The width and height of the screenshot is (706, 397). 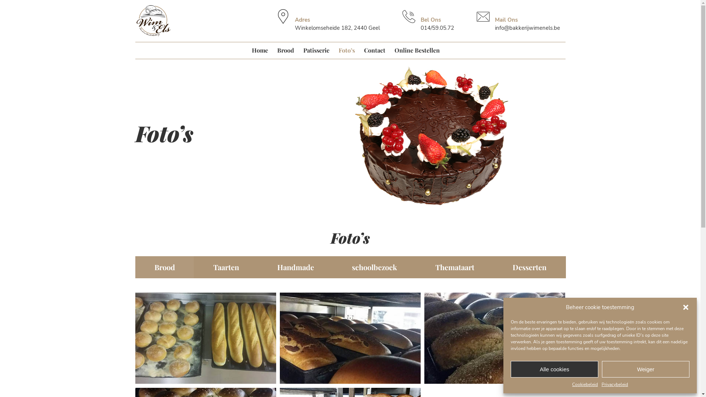 What do you see at coordinates (316, 50) in the screenshot?
I see `'Patisserie'` at bounding box center [316, 50].